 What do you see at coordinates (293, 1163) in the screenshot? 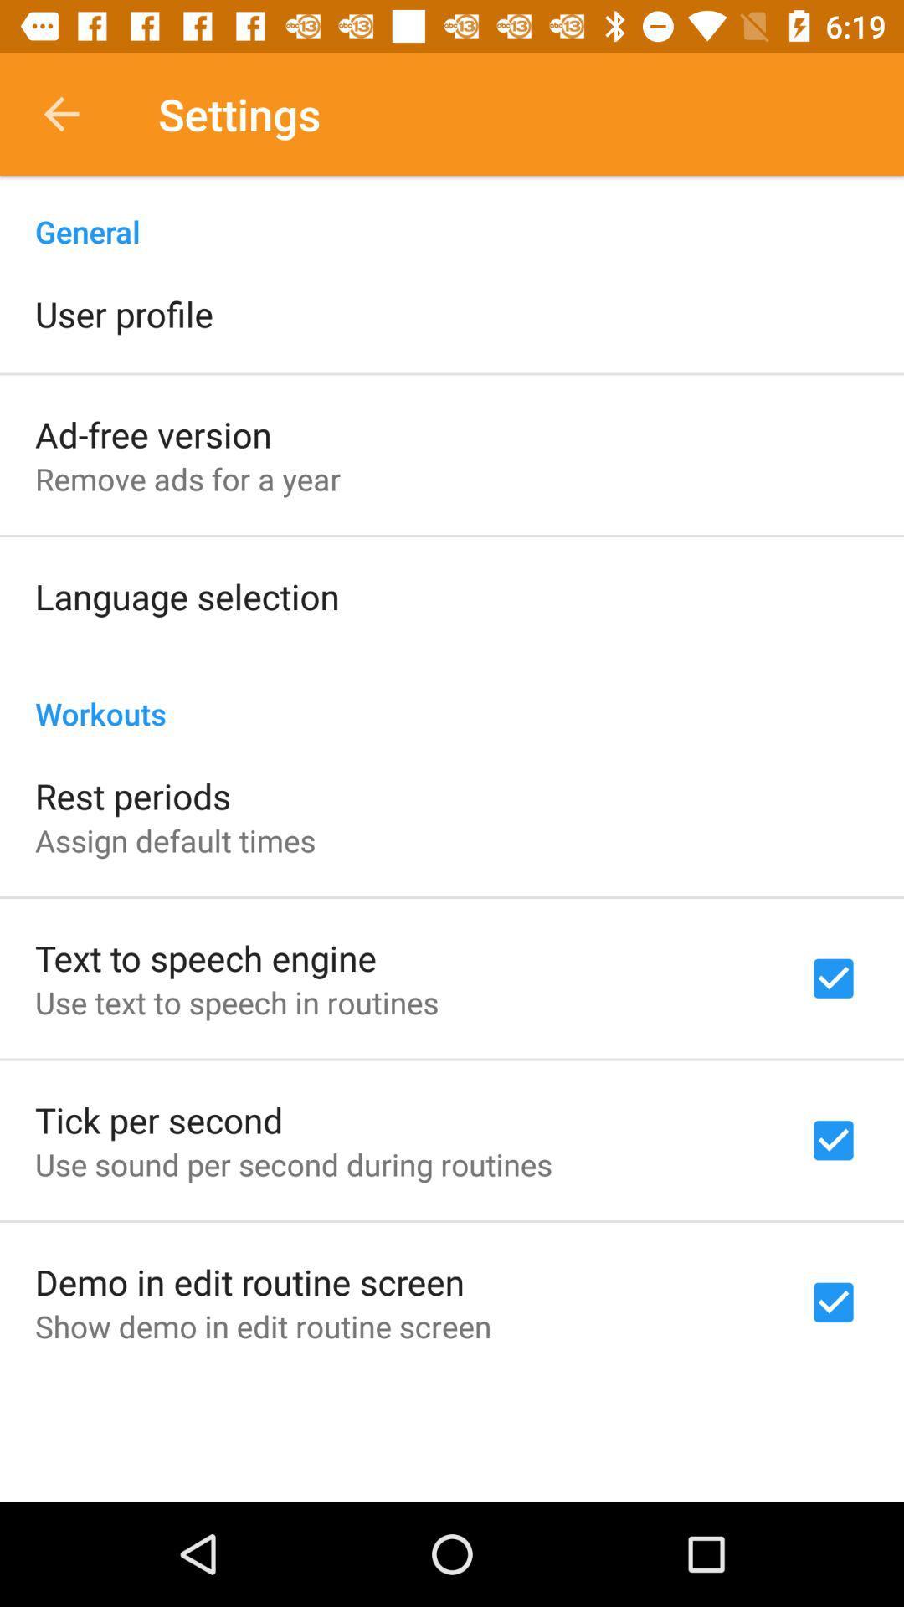
I see `the item above demo in edit` at bounding box center [293, 1163].